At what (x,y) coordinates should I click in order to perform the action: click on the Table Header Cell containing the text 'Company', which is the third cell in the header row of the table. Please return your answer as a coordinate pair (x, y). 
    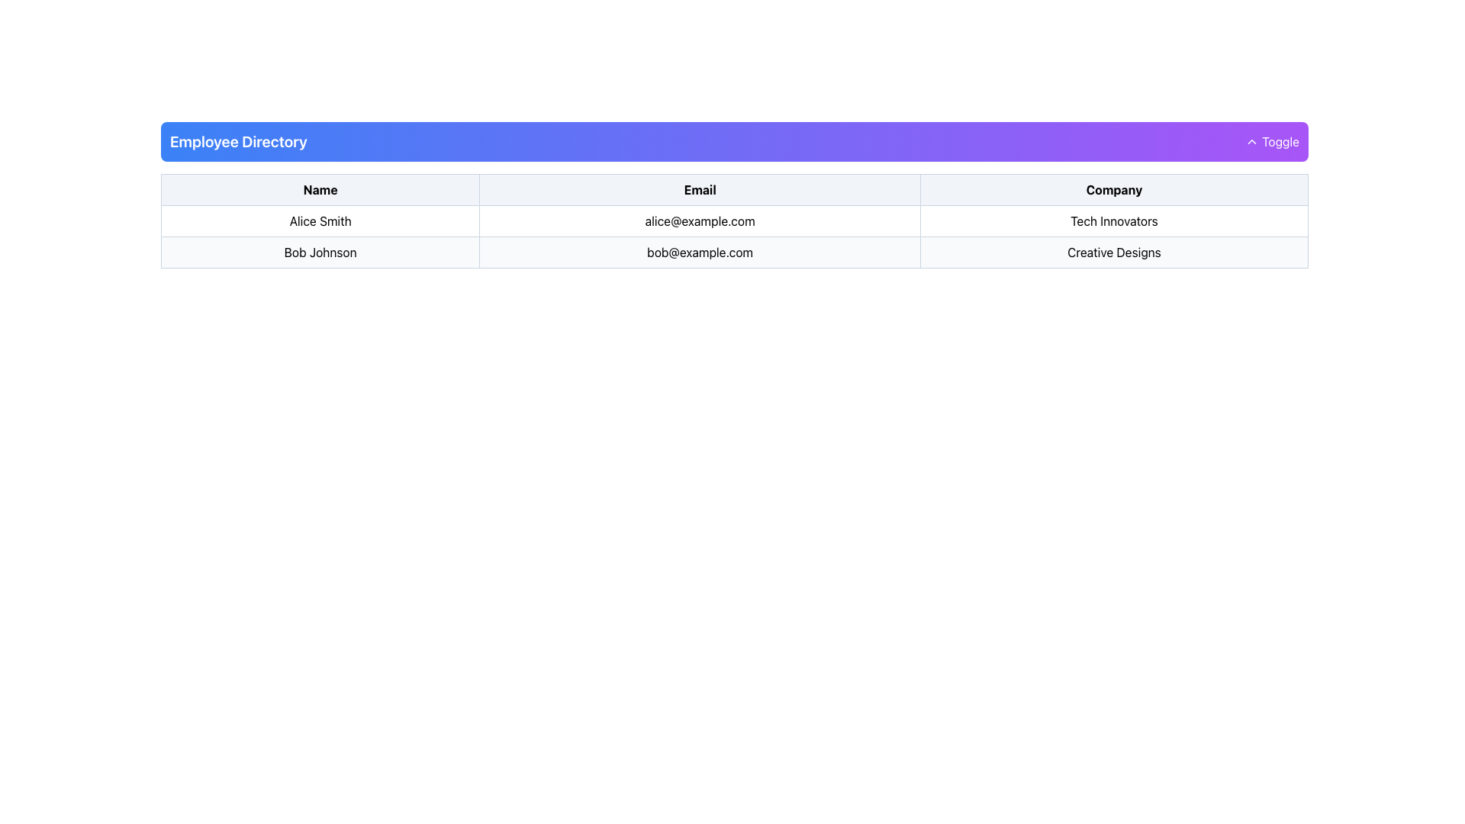
    Looking at the image, I should click on (1114, 189).